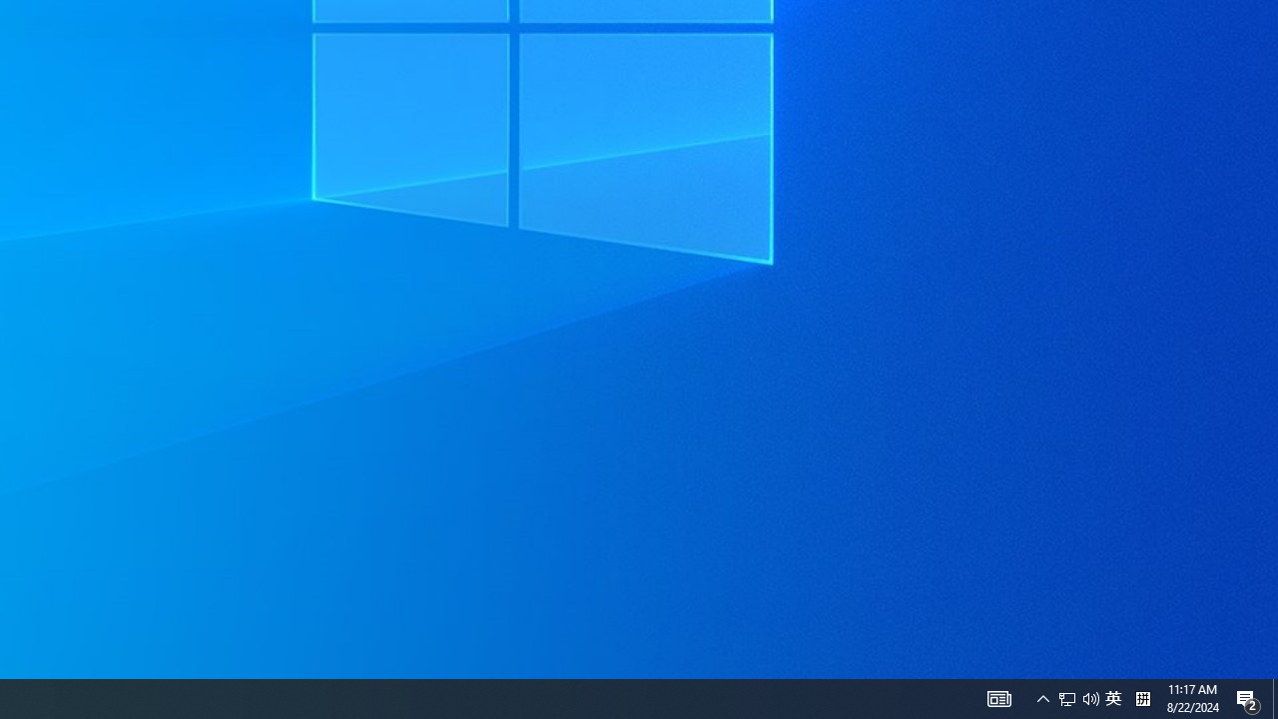  Describe the element at coordinates (1077, 697) in the screenshot. I see `'User Promoted Notification Area'` at that location.